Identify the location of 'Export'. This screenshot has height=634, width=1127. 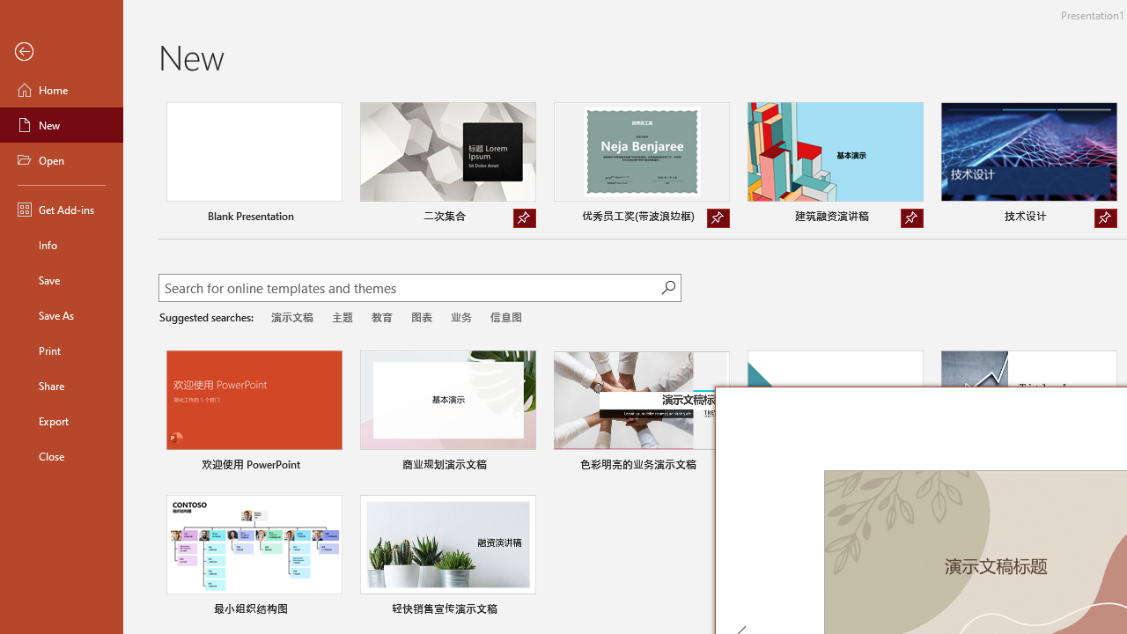
(61, 421).